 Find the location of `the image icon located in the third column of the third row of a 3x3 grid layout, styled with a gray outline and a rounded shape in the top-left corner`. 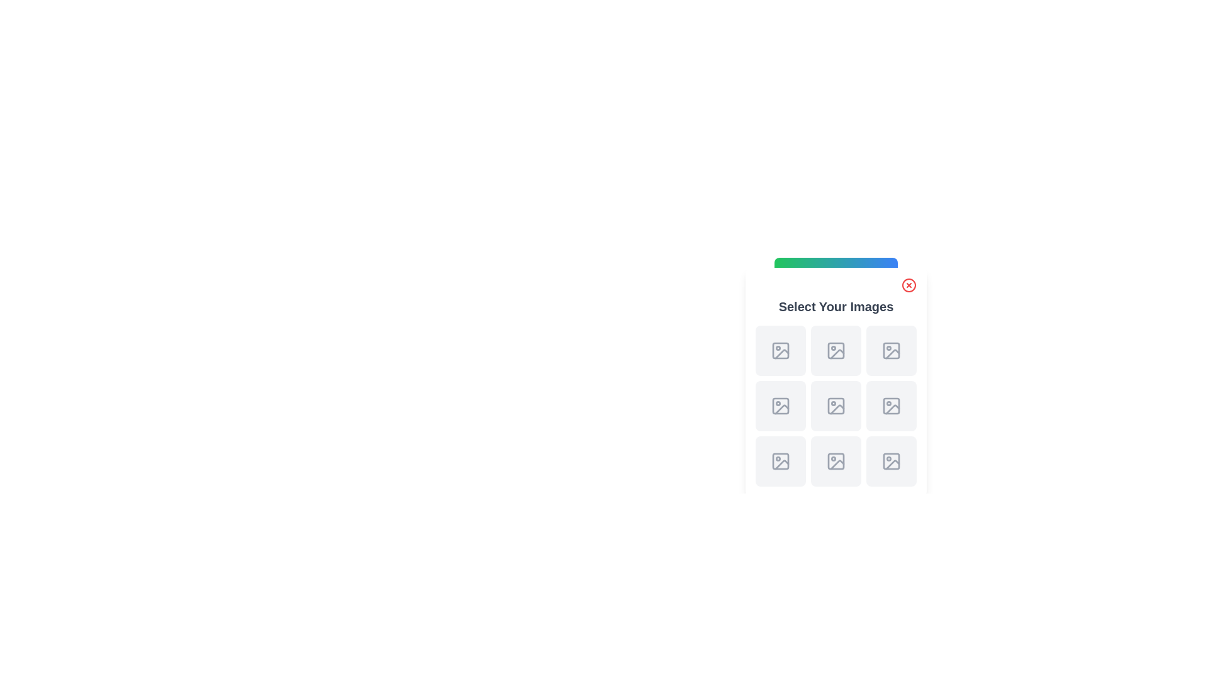

the image icon located in the third column of the third row of a 3x3 grid layout, styled with a gray outline and a rounded shape in the top-left corner is located at coordinates (890, 406).